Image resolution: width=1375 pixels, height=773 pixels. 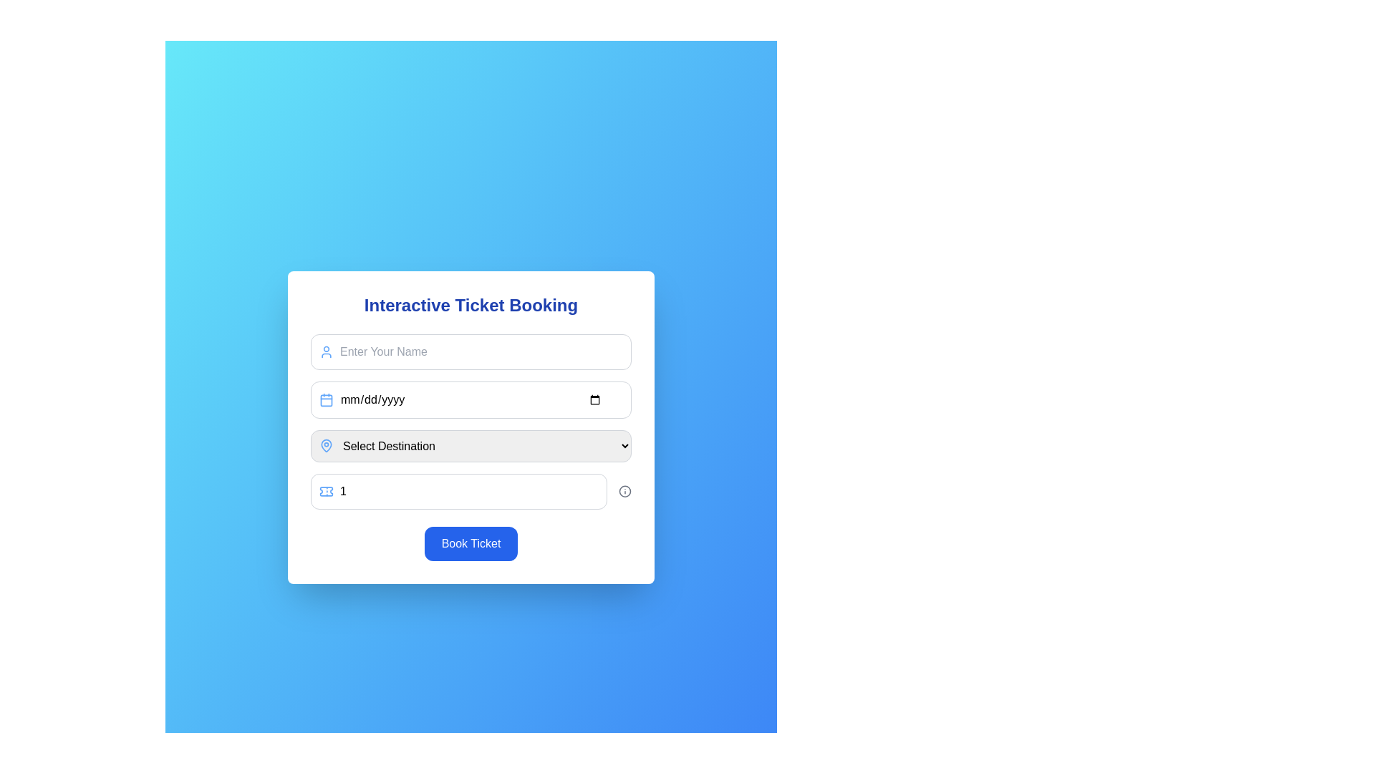 What do you see at coordinates (624, 490) in the screenshot?
I see `the Circular SVG shape that is part of the interactive icon next to the number selector field in the ticket booking UI` at bounding box center [624, 490].